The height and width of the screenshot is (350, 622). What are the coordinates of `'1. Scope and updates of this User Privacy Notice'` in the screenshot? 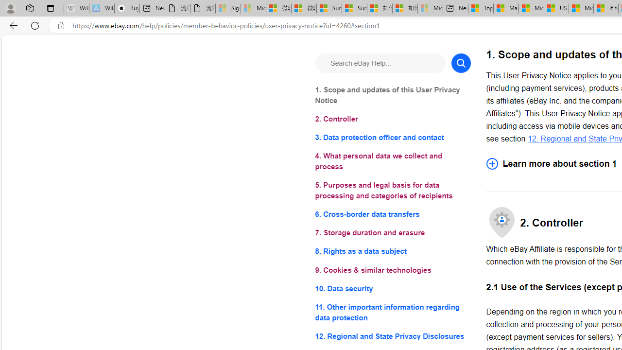 It's located at (393, 95).